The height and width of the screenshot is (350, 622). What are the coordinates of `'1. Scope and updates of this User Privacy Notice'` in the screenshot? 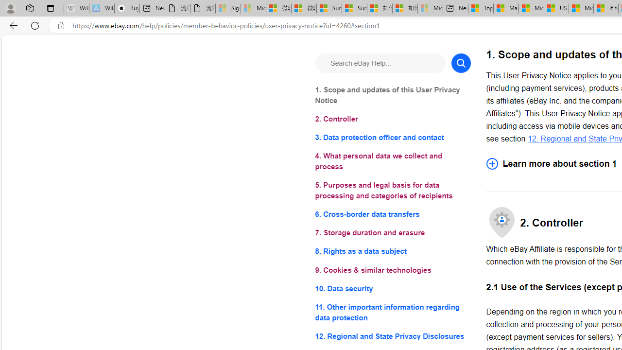 It's located at (393, 95).